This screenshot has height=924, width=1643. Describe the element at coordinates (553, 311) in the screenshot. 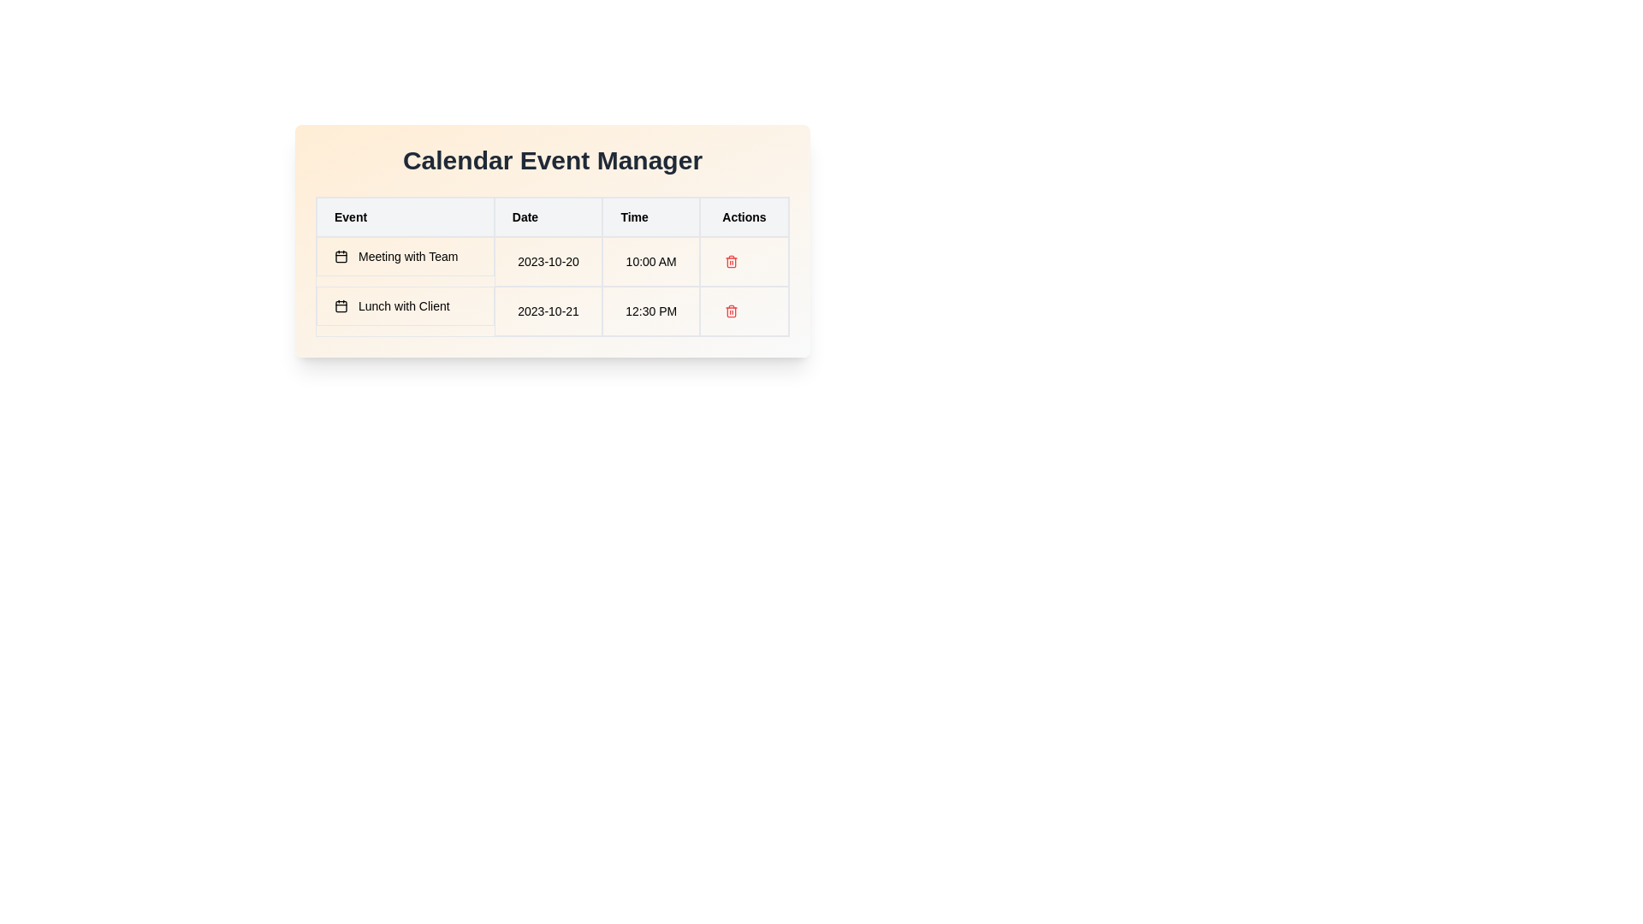

I see `the second row of the table in the 'Calendar Event Manager' section, which displays the event titled 'Lunch with Client' along with its date '2023-10-21' and time '12:30 PM'` at that location.